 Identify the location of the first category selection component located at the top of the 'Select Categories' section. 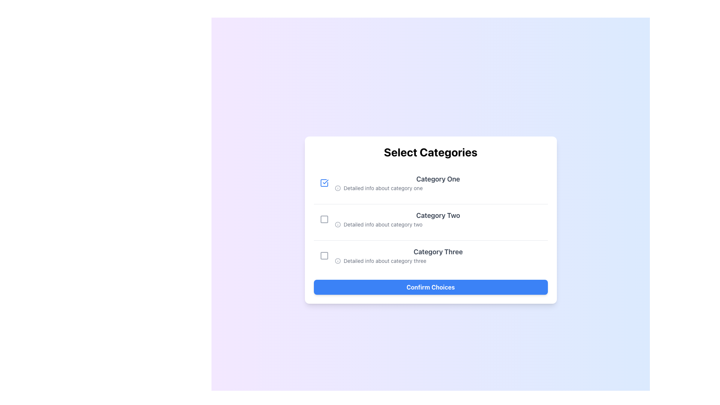
(430, 183).